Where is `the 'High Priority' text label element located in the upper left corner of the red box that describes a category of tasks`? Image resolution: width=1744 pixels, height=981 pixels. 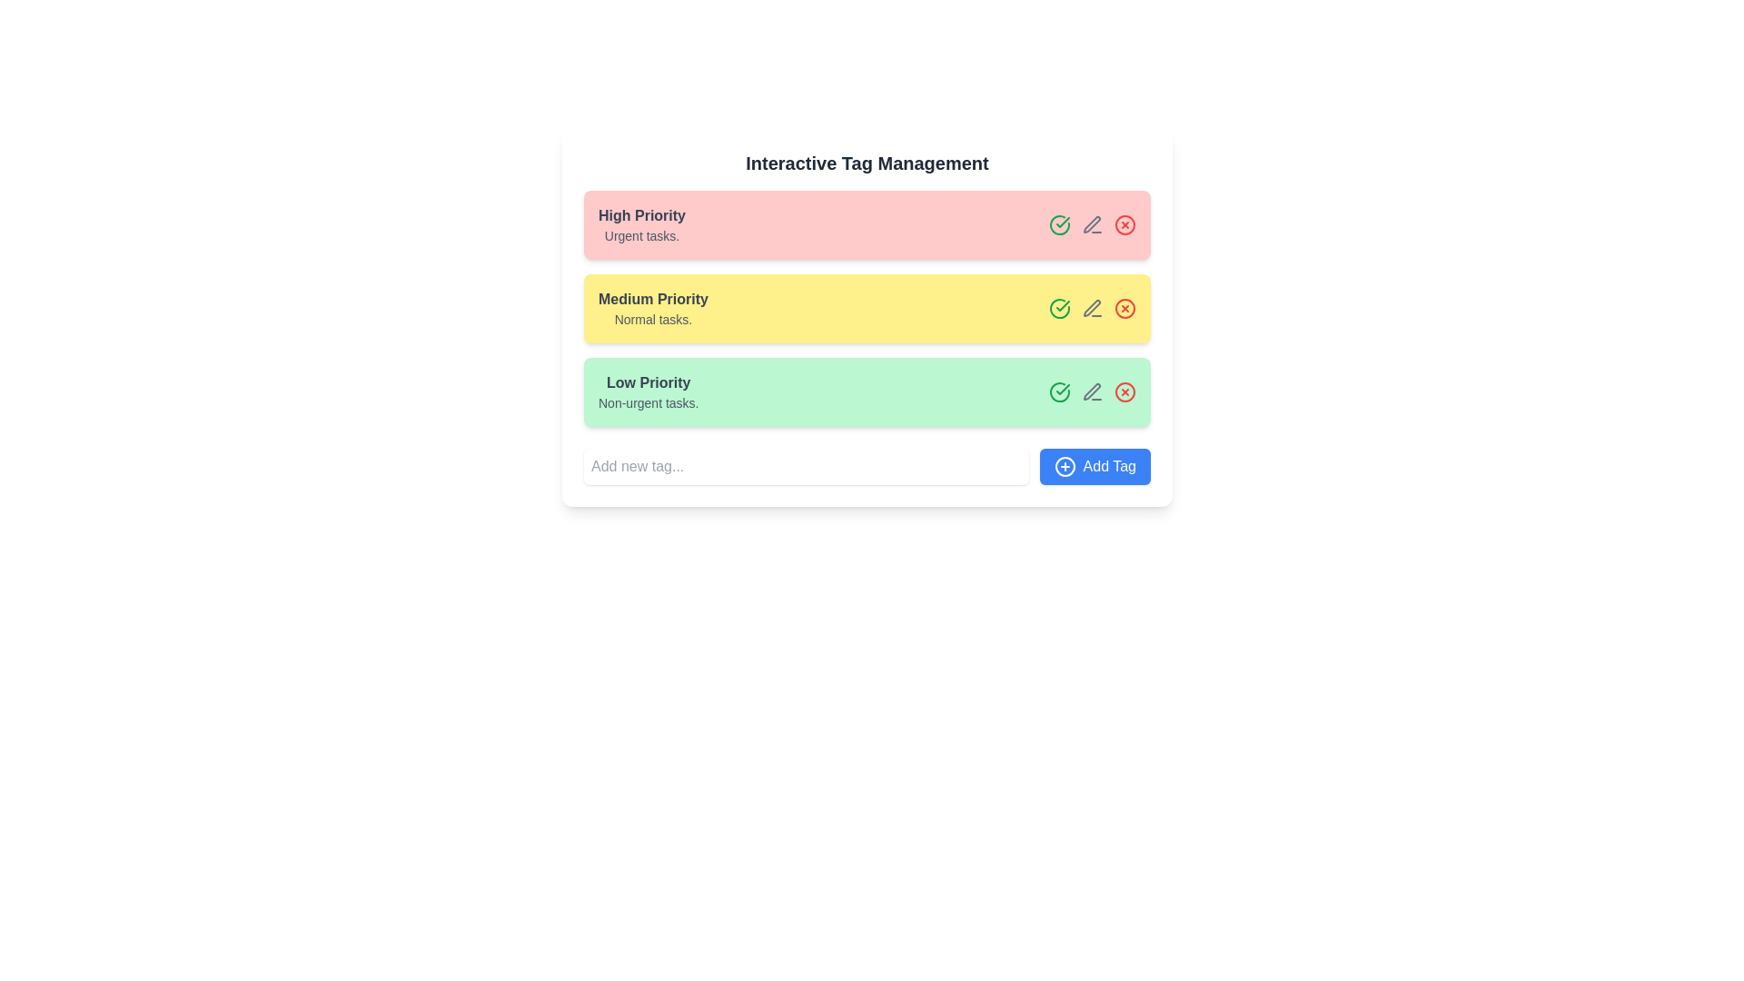
the 'High Priority' text label element located in the upper left corner of the red box that describes a category of tasks is located at coordinates (641, 223).